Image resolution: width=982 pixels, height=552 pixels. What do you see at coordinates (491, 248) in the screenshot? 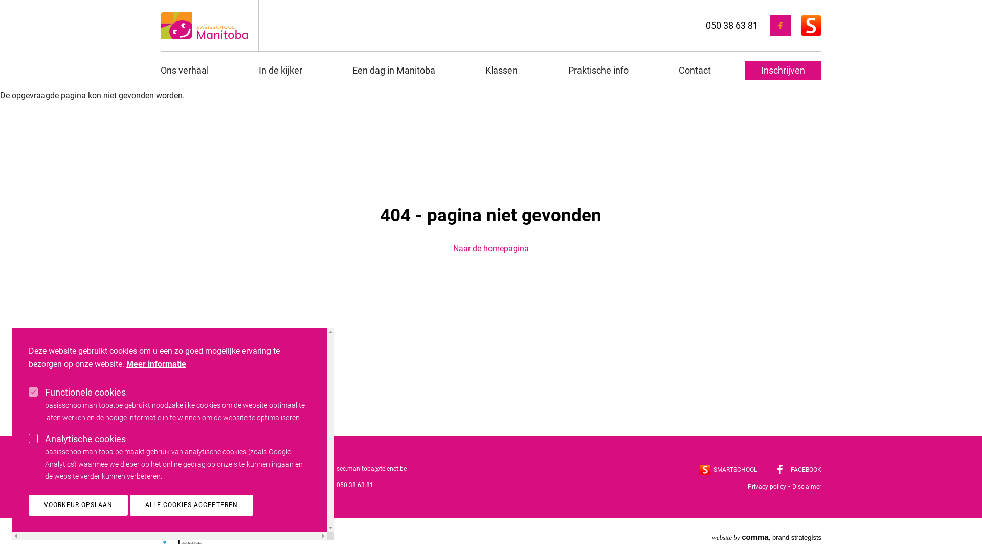
I see `'Naar de homepagina'` at bounding box center [491, 248].